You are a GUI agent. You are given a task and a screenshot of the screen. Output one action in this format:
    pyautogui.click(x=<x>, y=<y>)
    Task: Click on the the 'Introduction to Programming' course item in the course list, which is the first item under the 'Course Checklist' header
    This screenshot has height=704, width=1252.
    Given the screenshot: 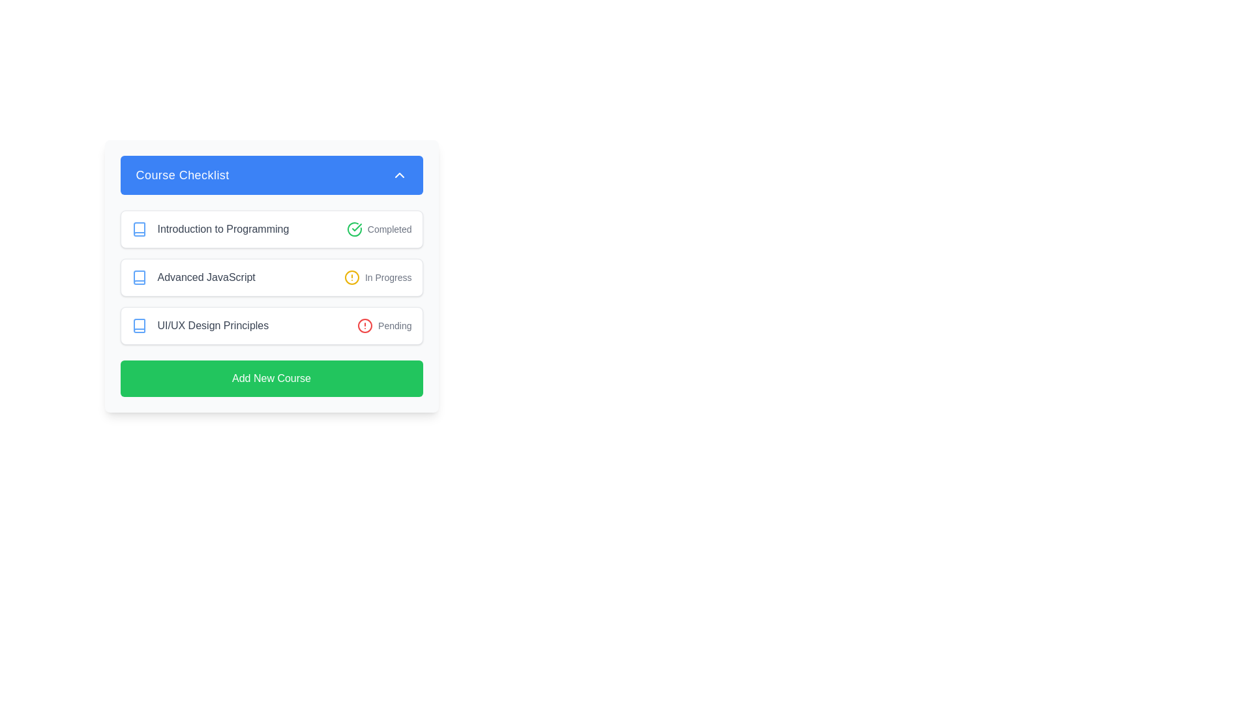 What is the action you would take?
    pyautogui.click(x=210, y=228)
    